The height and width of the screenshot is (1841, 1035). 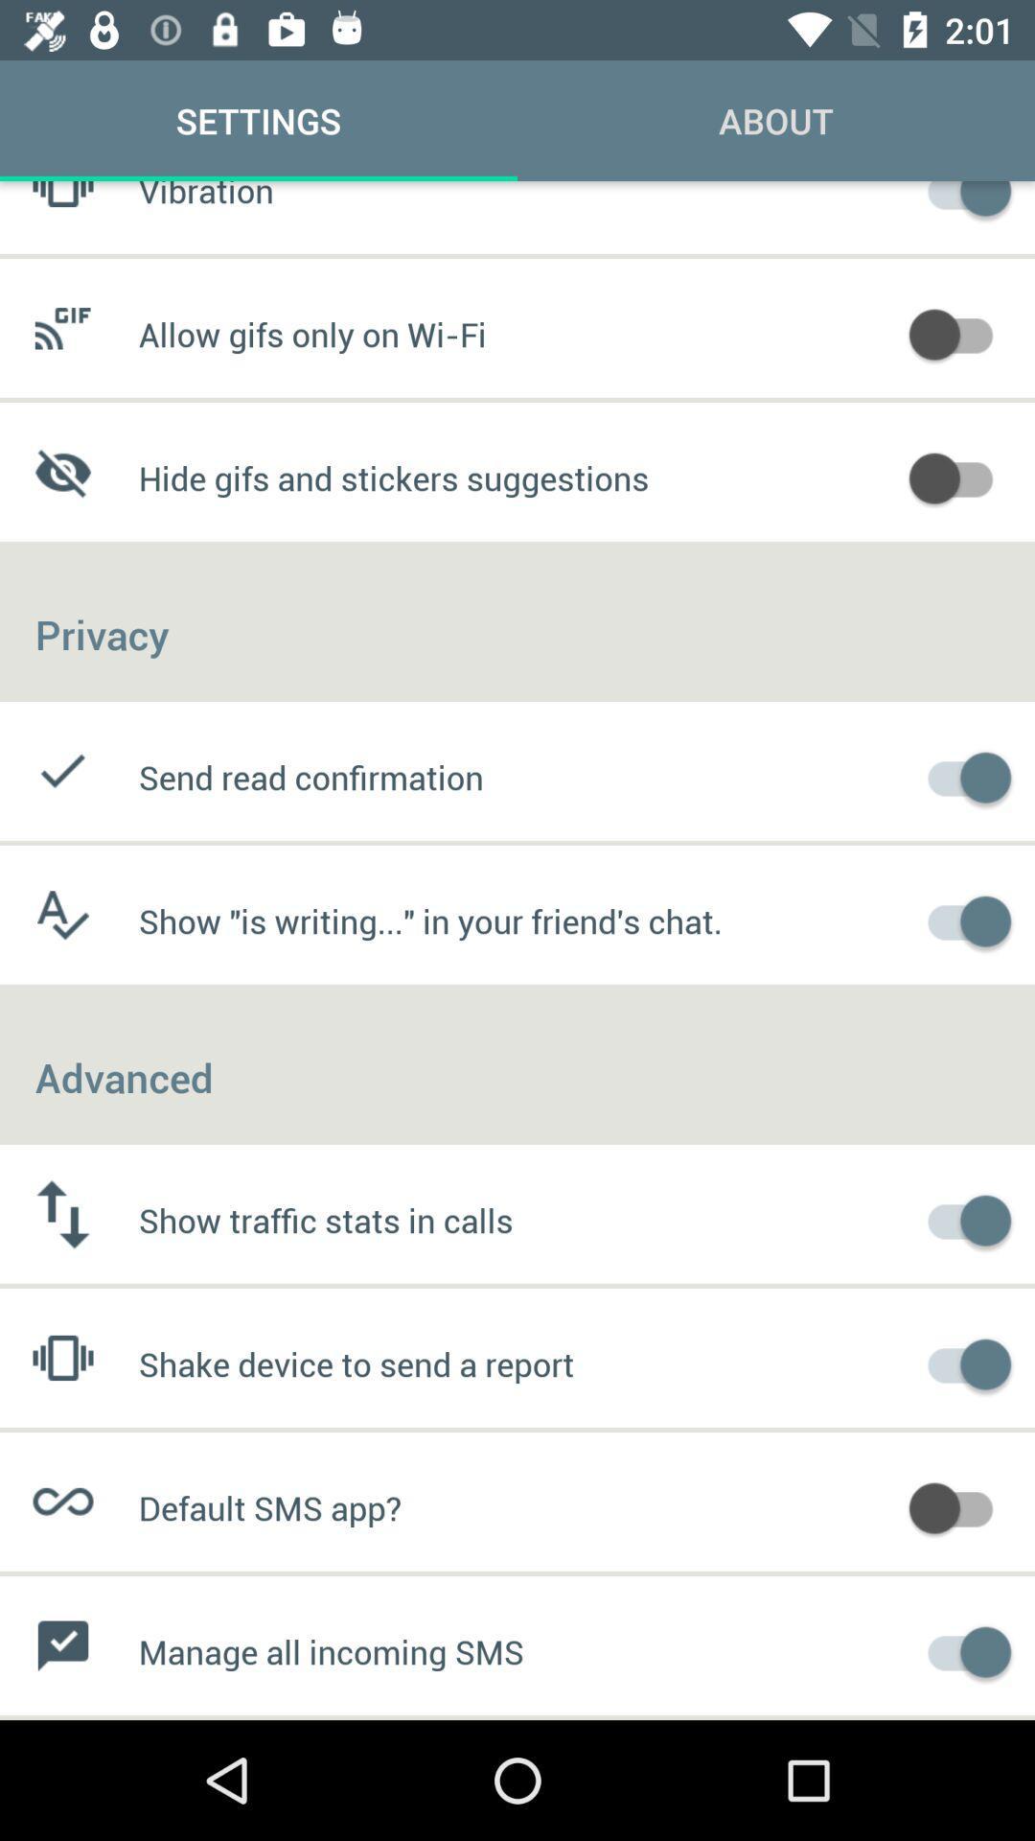 What do you see at coordinates (960, 775) in the screenshot?
I see `activate send read confirmation` at bounding box center [960, 775].